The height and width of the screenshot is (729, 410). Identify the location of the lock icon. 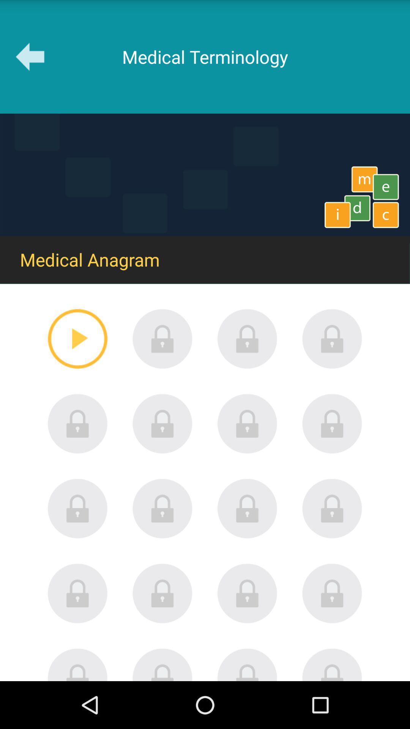
(332, 362).